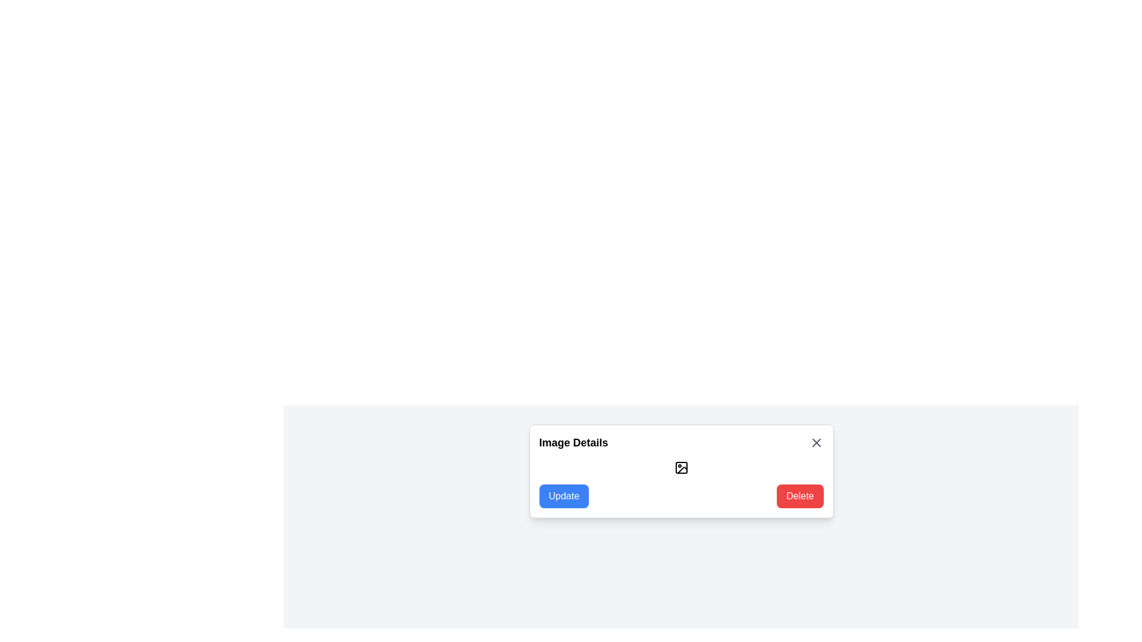  I want to click on the 'X' close icon located at the top-right corner of the dialog box, so click(815, 442).